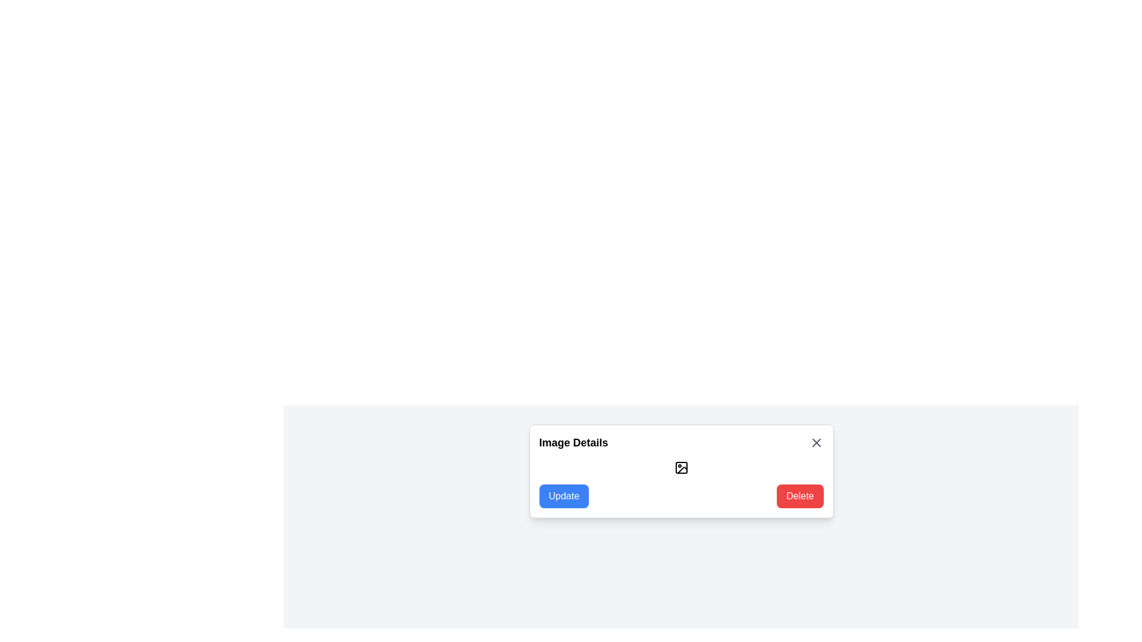  I want to click on the 'X' close icon located at the top-right corner of the dialog box, so click(815, 442).